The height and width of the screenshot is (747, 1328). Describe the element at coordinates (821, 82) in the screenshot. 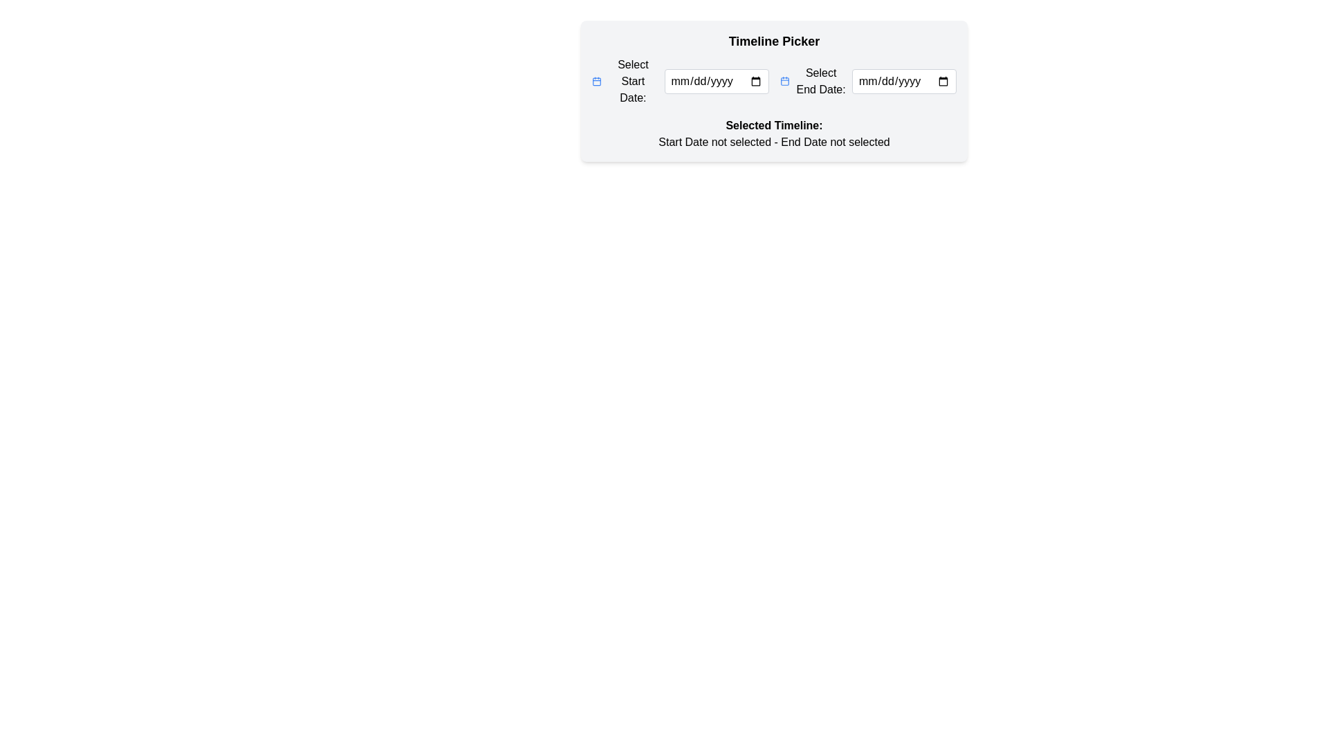

I see `the Text Label indicating the purpose of the adjacent date input field for selecting an end date` at that location.